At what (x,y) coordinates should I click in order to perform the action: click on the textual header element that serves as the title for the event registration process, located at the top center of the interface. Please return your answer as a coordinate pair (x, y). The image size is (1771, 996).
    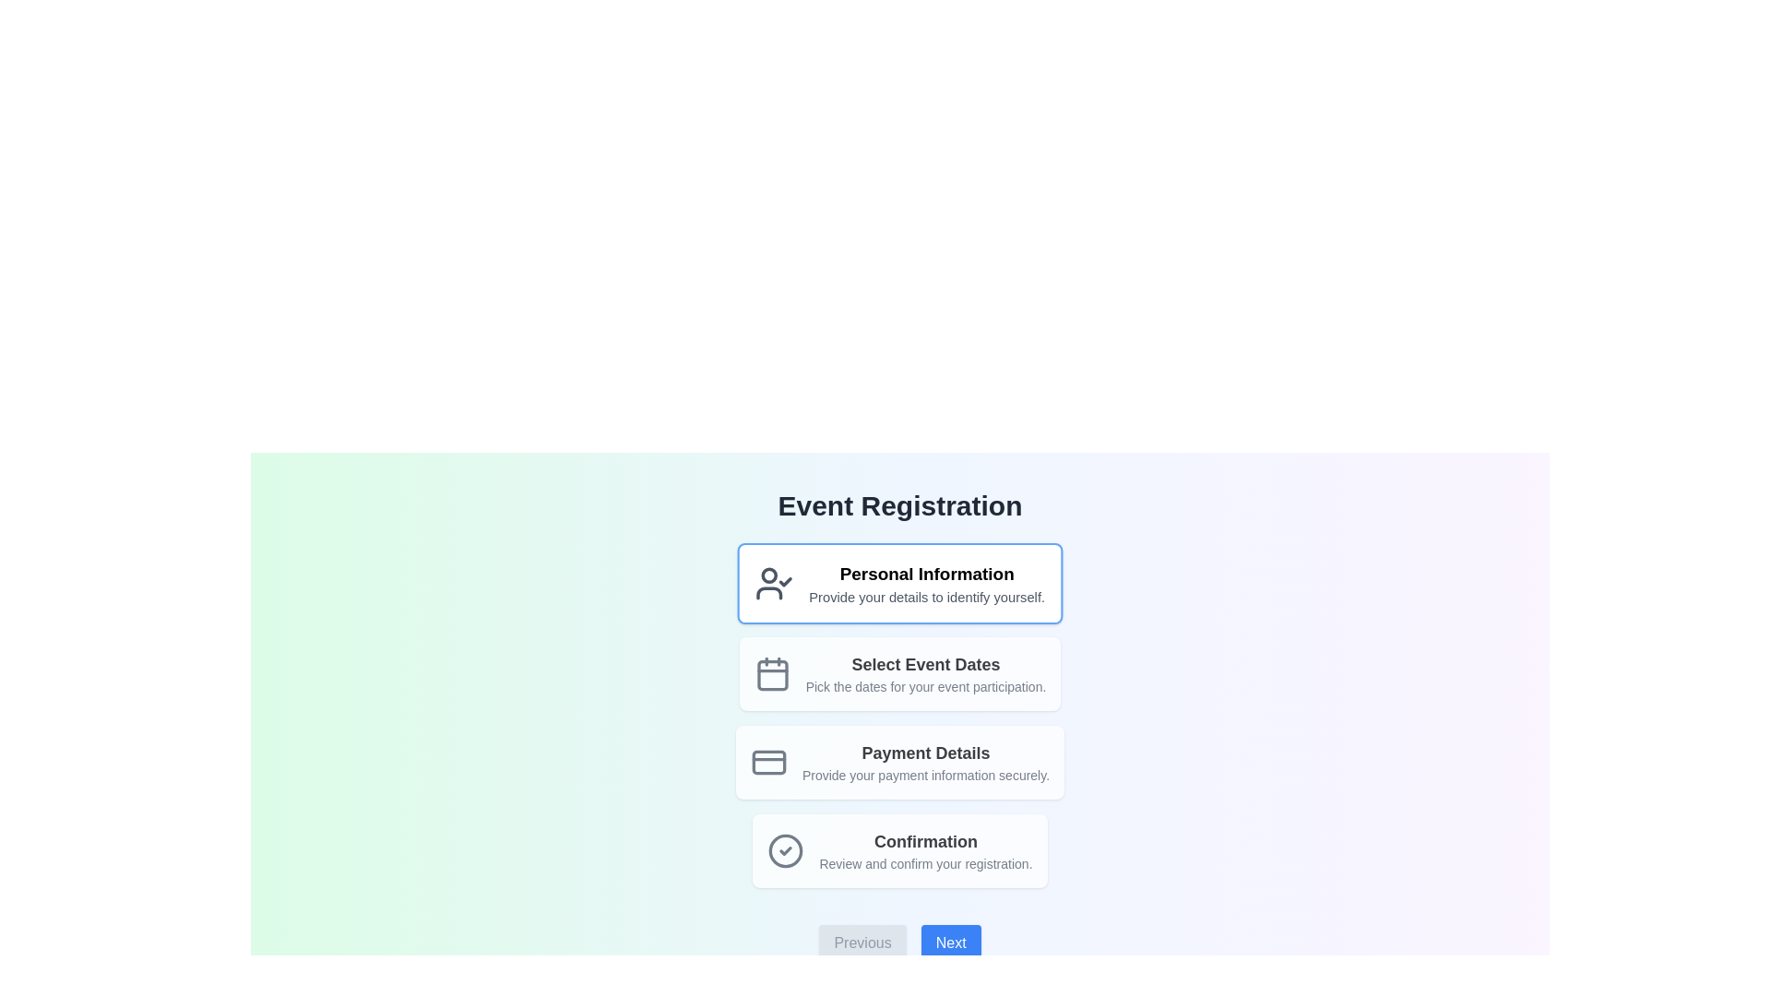
    Looking at the image, I should click on (899, 505).